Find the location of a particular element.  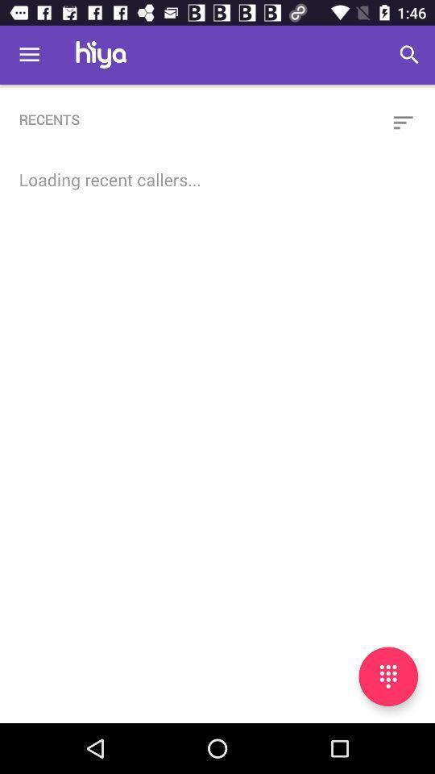

open numberpad is located at coordinates (387, 676).